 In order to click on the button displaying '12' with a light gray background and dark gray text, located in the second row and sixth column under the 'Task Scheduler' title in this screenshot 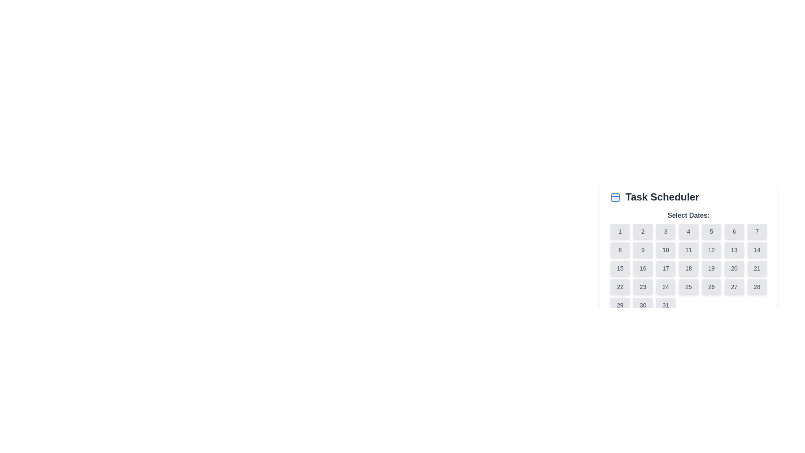, I will do `click(711, 250)`.